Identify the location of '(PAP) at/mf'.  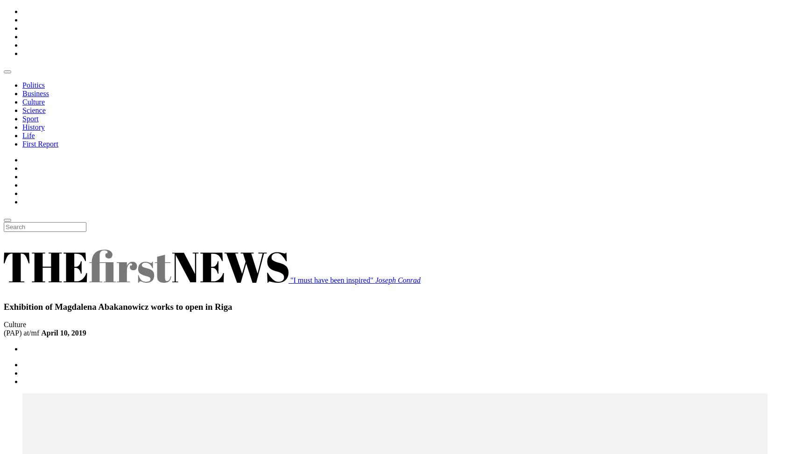
(3, 333).